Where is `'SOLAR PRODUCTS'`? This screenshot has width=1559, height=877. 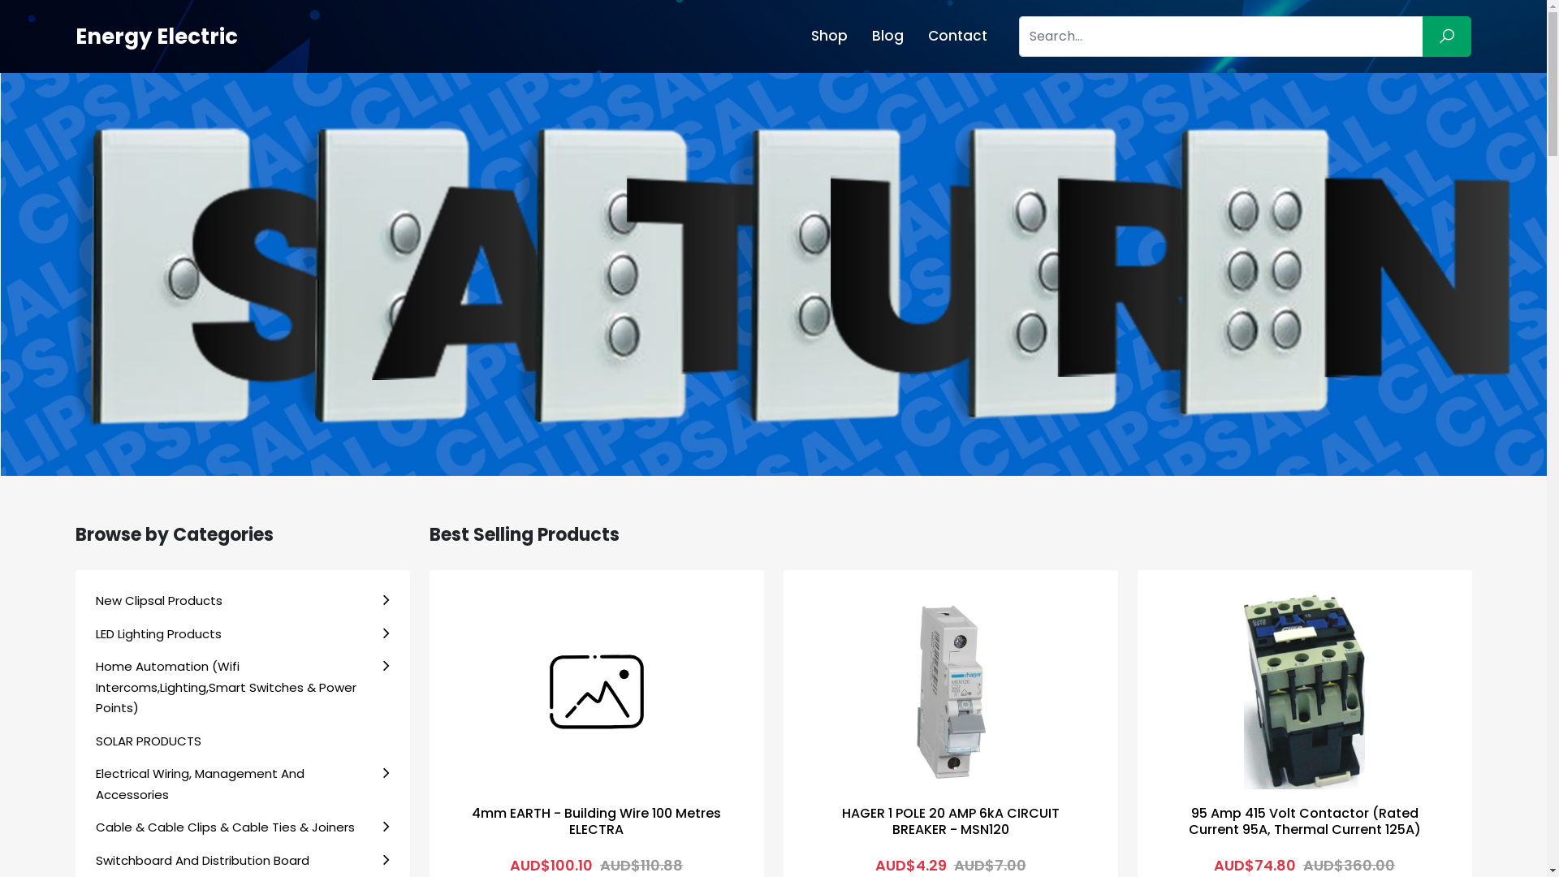 'SOLAR PRODUCTS' is located at coordinates (241, 741).